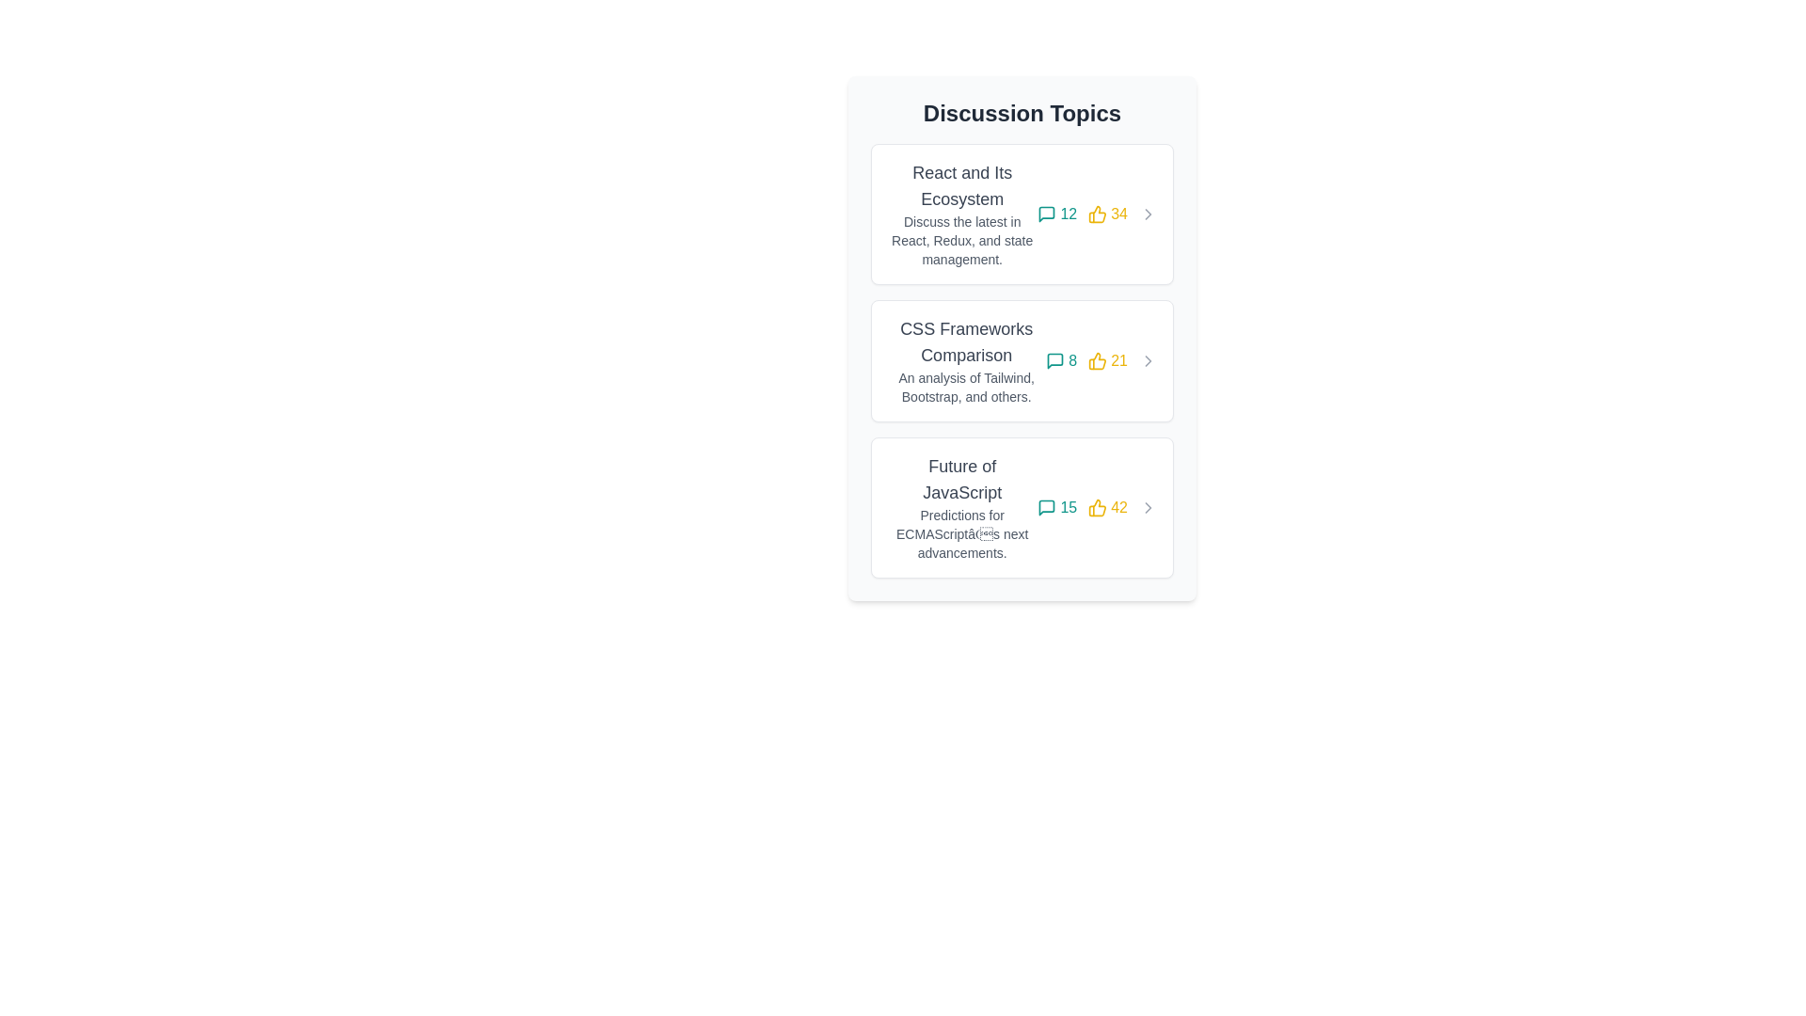 The image size is (1806, 1016). What do you see at coordinates (1098, 508) in the screenshot?
I see `the Thumbs-Up icon located in the third card of the 'Discussion Topics' list to express a like` at bounding box center [1098, 508].